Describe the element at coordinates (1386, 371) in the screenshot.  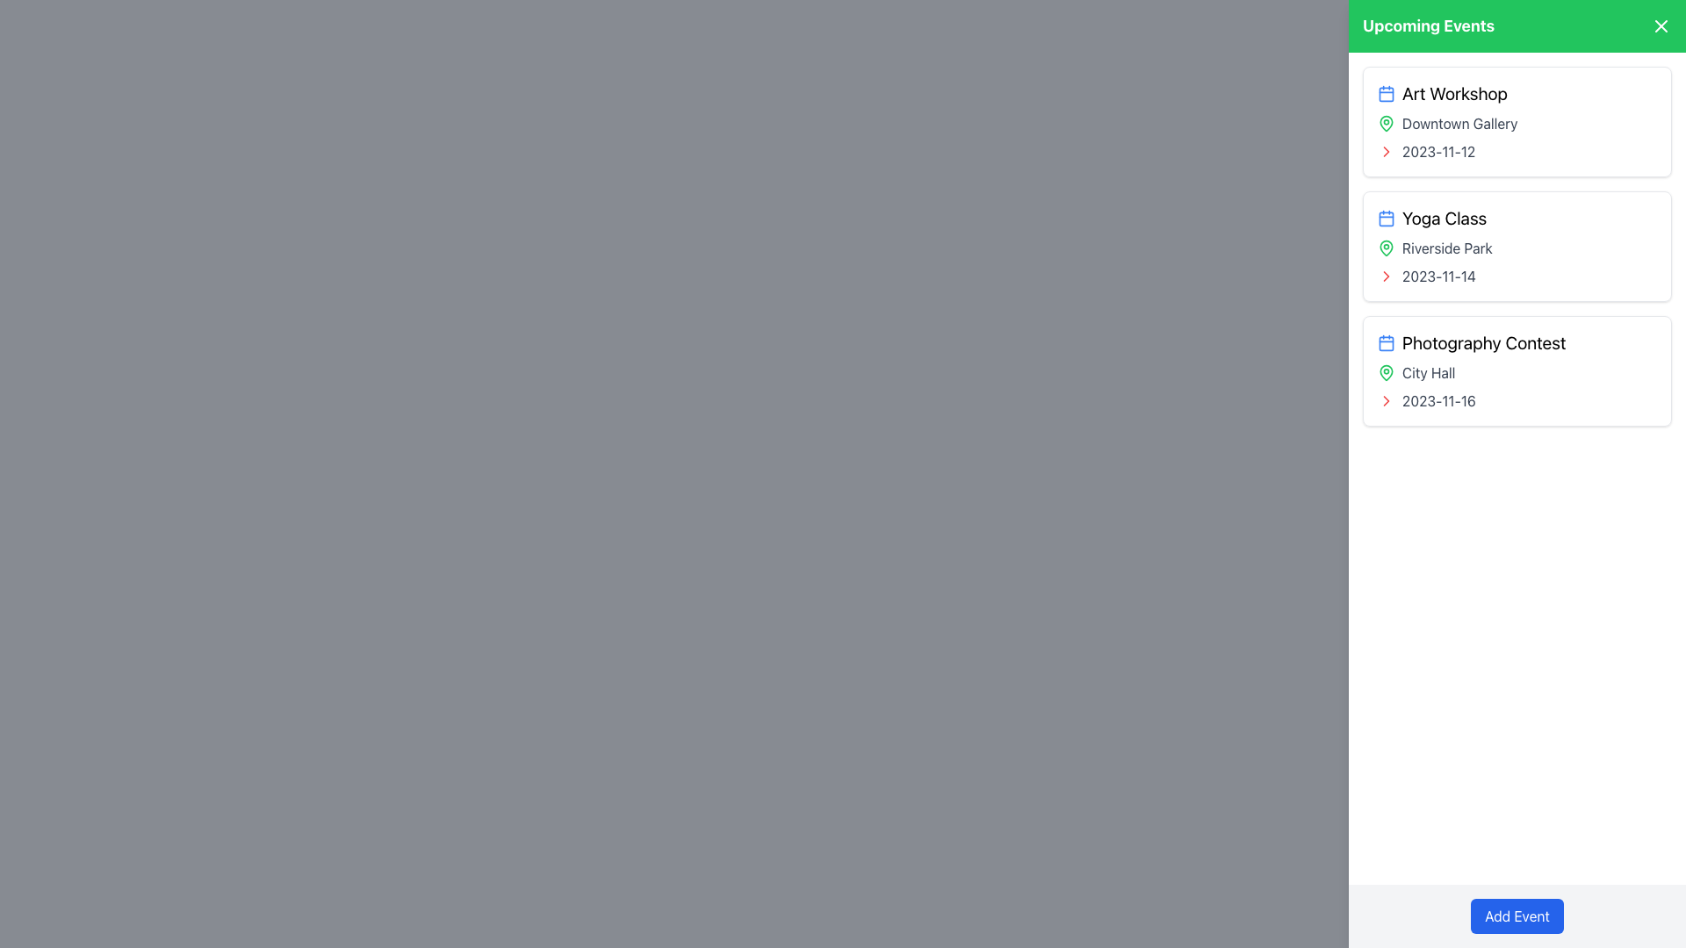
I see `the icon representing the location of the 'Photography Contest' event, which is positioned to the left of the text 'City Hall' within the event card` at that location.